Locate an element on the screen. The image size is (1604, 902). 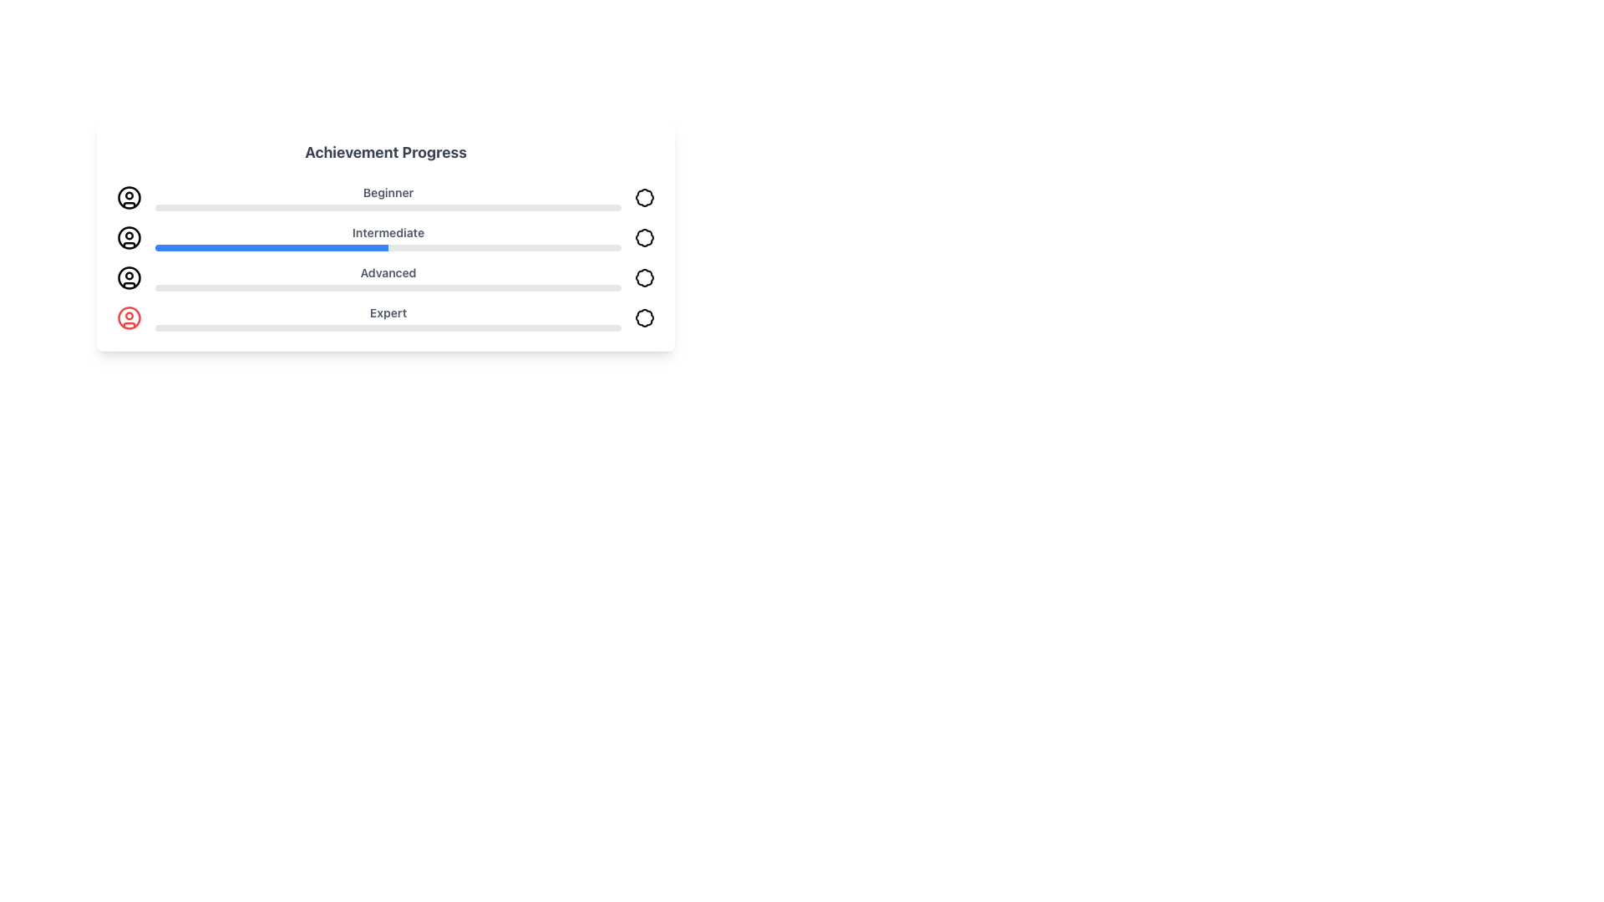
the highlighted blue progress segment within the second progress bar under the 'Intermediate' label is located at coordinates (272, 248).